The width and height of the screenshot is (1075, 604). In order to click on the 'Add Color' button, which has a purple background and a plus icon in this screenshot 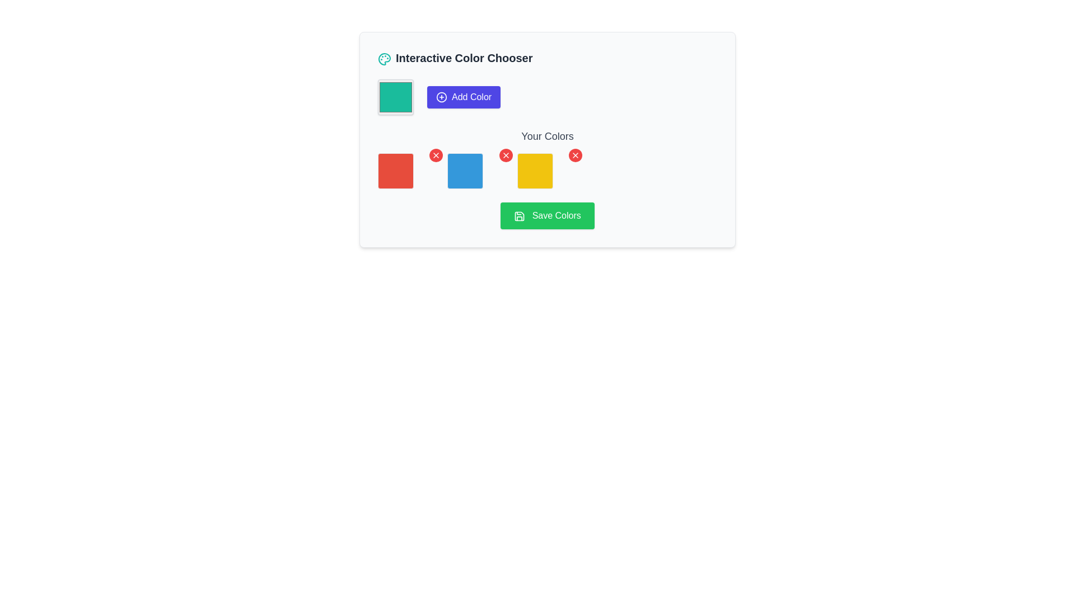, I will do `click(464, 96)`.